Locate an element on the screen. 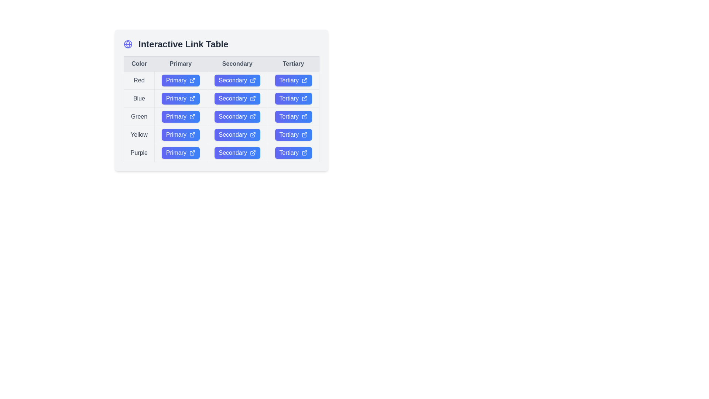 Image resolution: width=709 pixels, height=399 pixels. the title text that categorizes or describes the content, positioned to the right of a globe-like icon at the top-left corner of the interface is located at coordinates (183, 44).